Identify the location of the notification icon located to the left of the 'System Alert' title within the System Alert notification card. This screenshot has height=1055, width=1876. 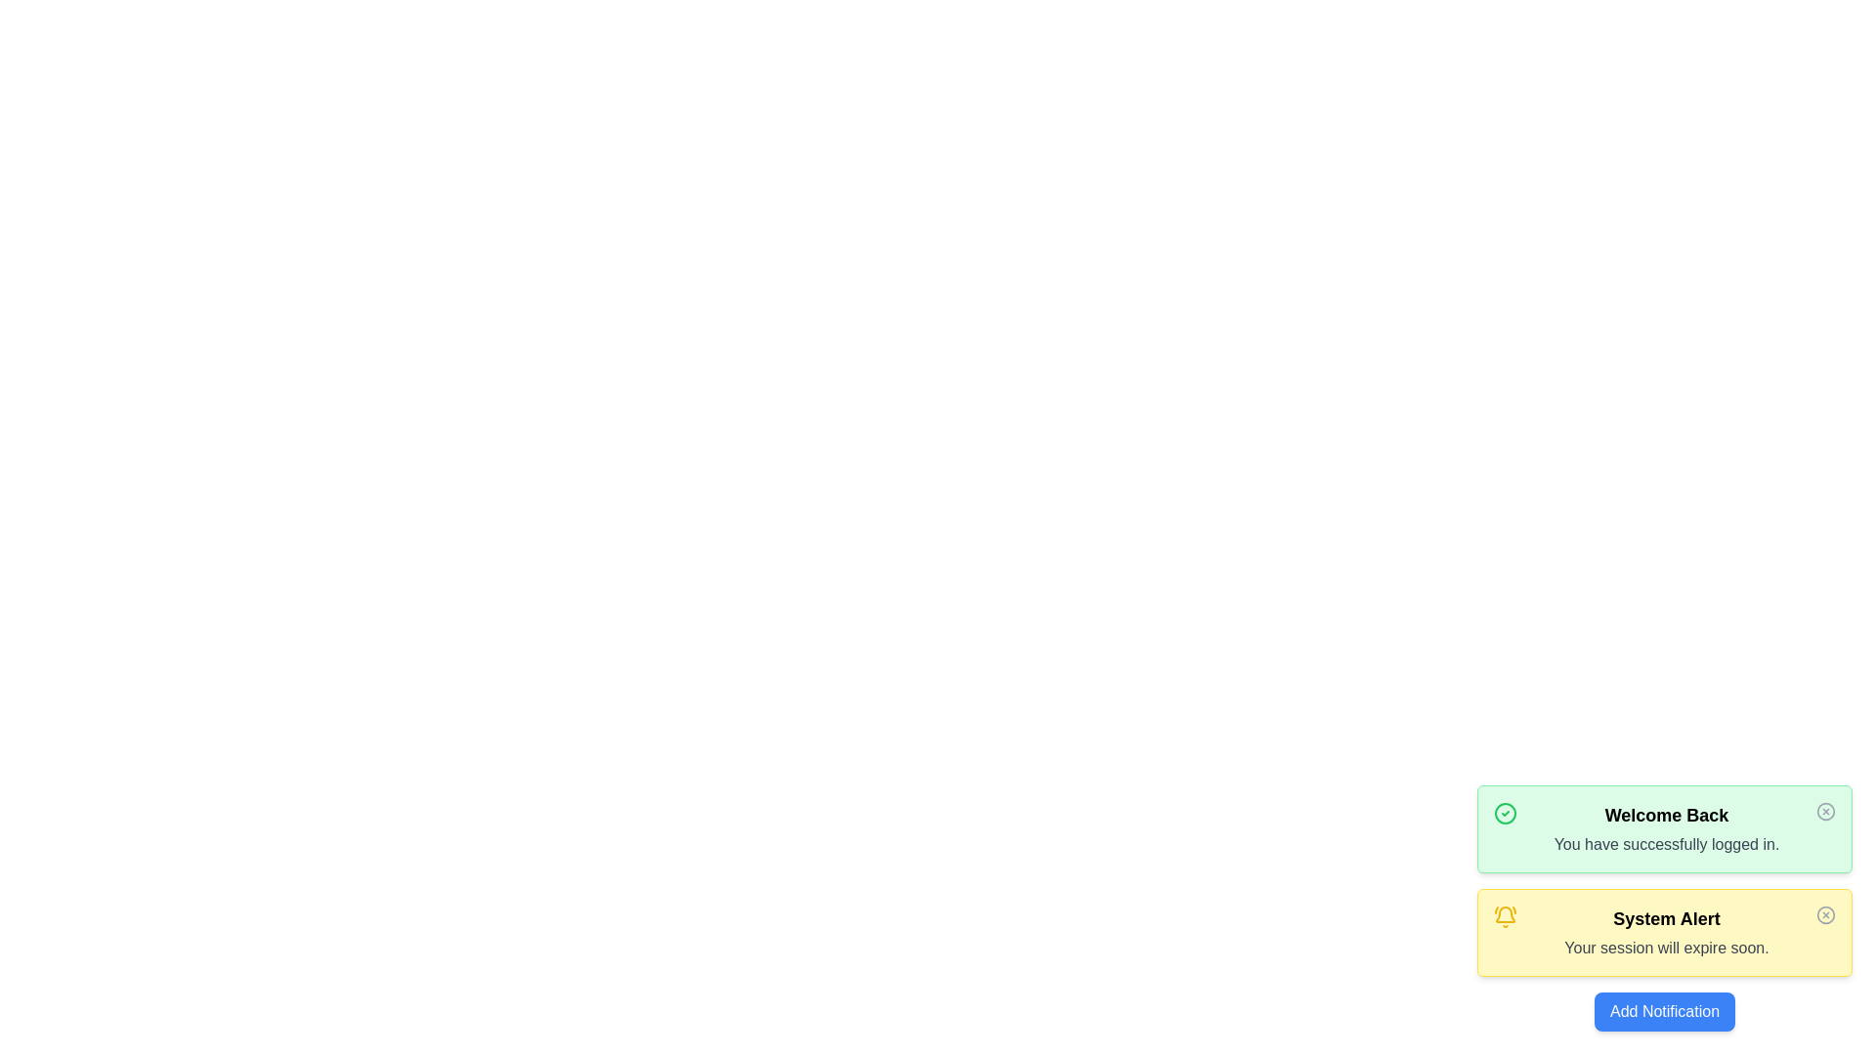
(1504, 916).